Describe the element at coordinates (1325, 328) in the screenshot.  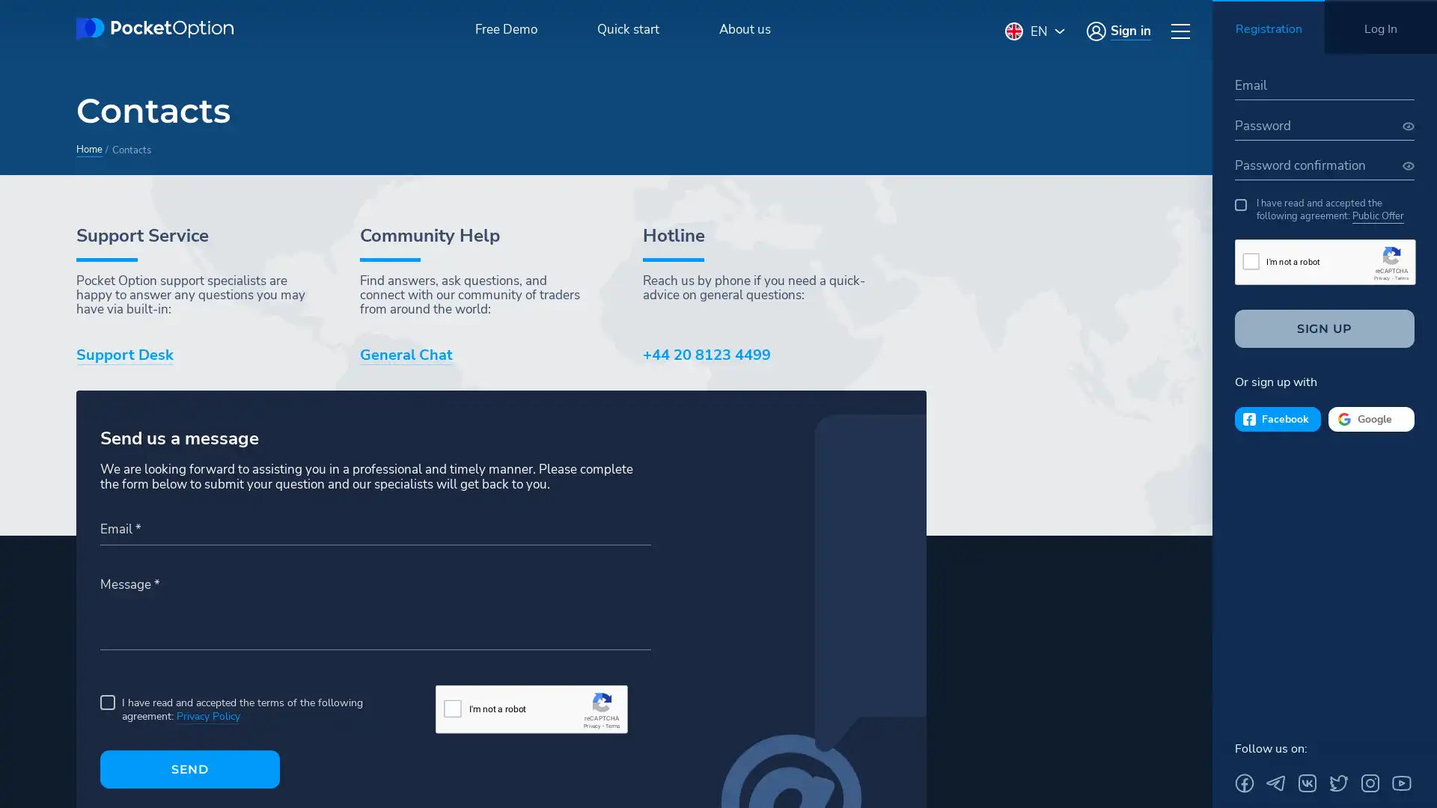
I see `SIGN UP` at that location.